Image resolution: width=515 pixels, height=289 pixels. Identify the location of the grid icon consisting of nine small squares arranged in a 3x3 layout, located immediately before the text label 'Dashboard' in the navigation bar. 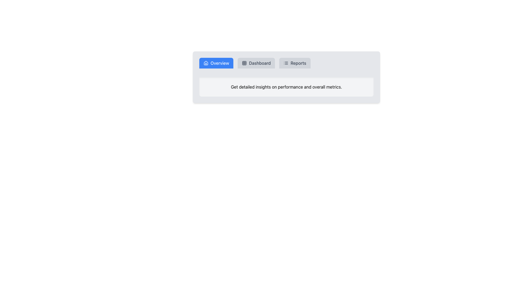
(244, 63).